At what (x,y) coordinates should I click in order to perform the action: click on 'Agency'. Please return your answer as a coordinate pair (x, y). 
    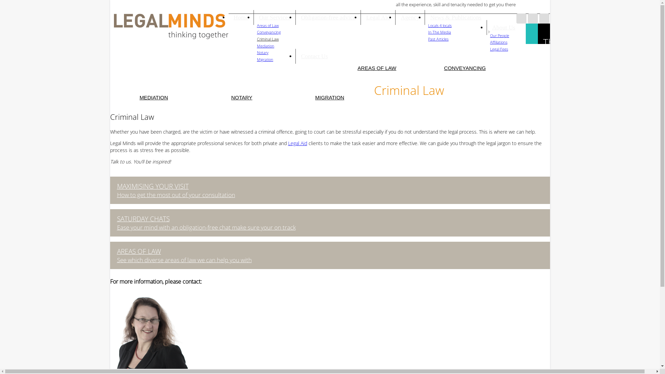
    Looking at the image, I should click on (395, 17).